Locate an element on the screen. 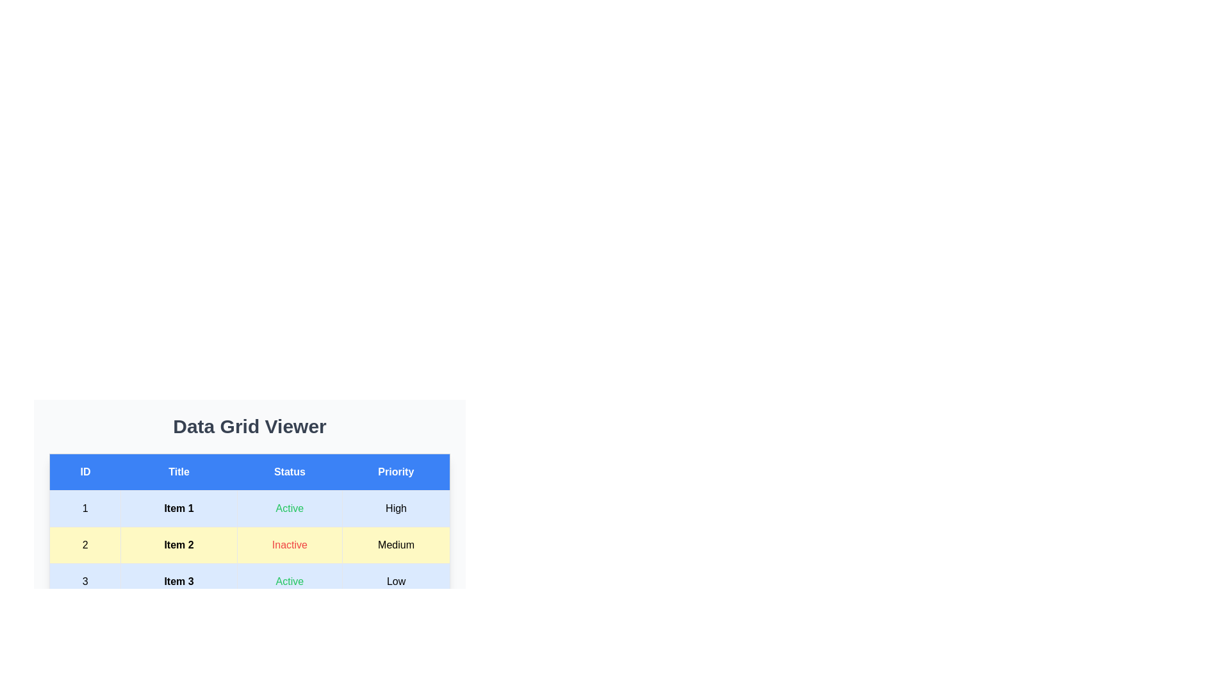  the column header Status to sort the table by that column is located at coordinates (288, 472).